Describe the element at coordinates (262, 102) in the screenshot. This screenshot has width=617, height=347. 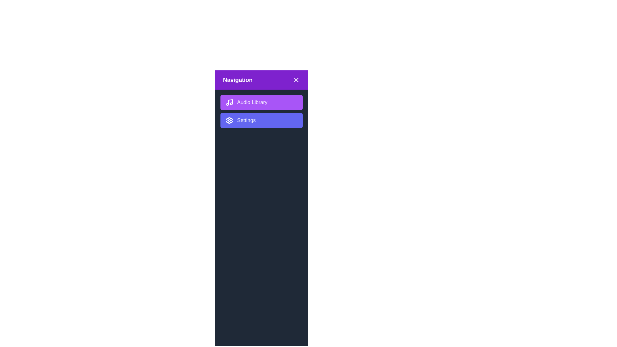
I see `the 'Audio Library' button to select it` at that location.